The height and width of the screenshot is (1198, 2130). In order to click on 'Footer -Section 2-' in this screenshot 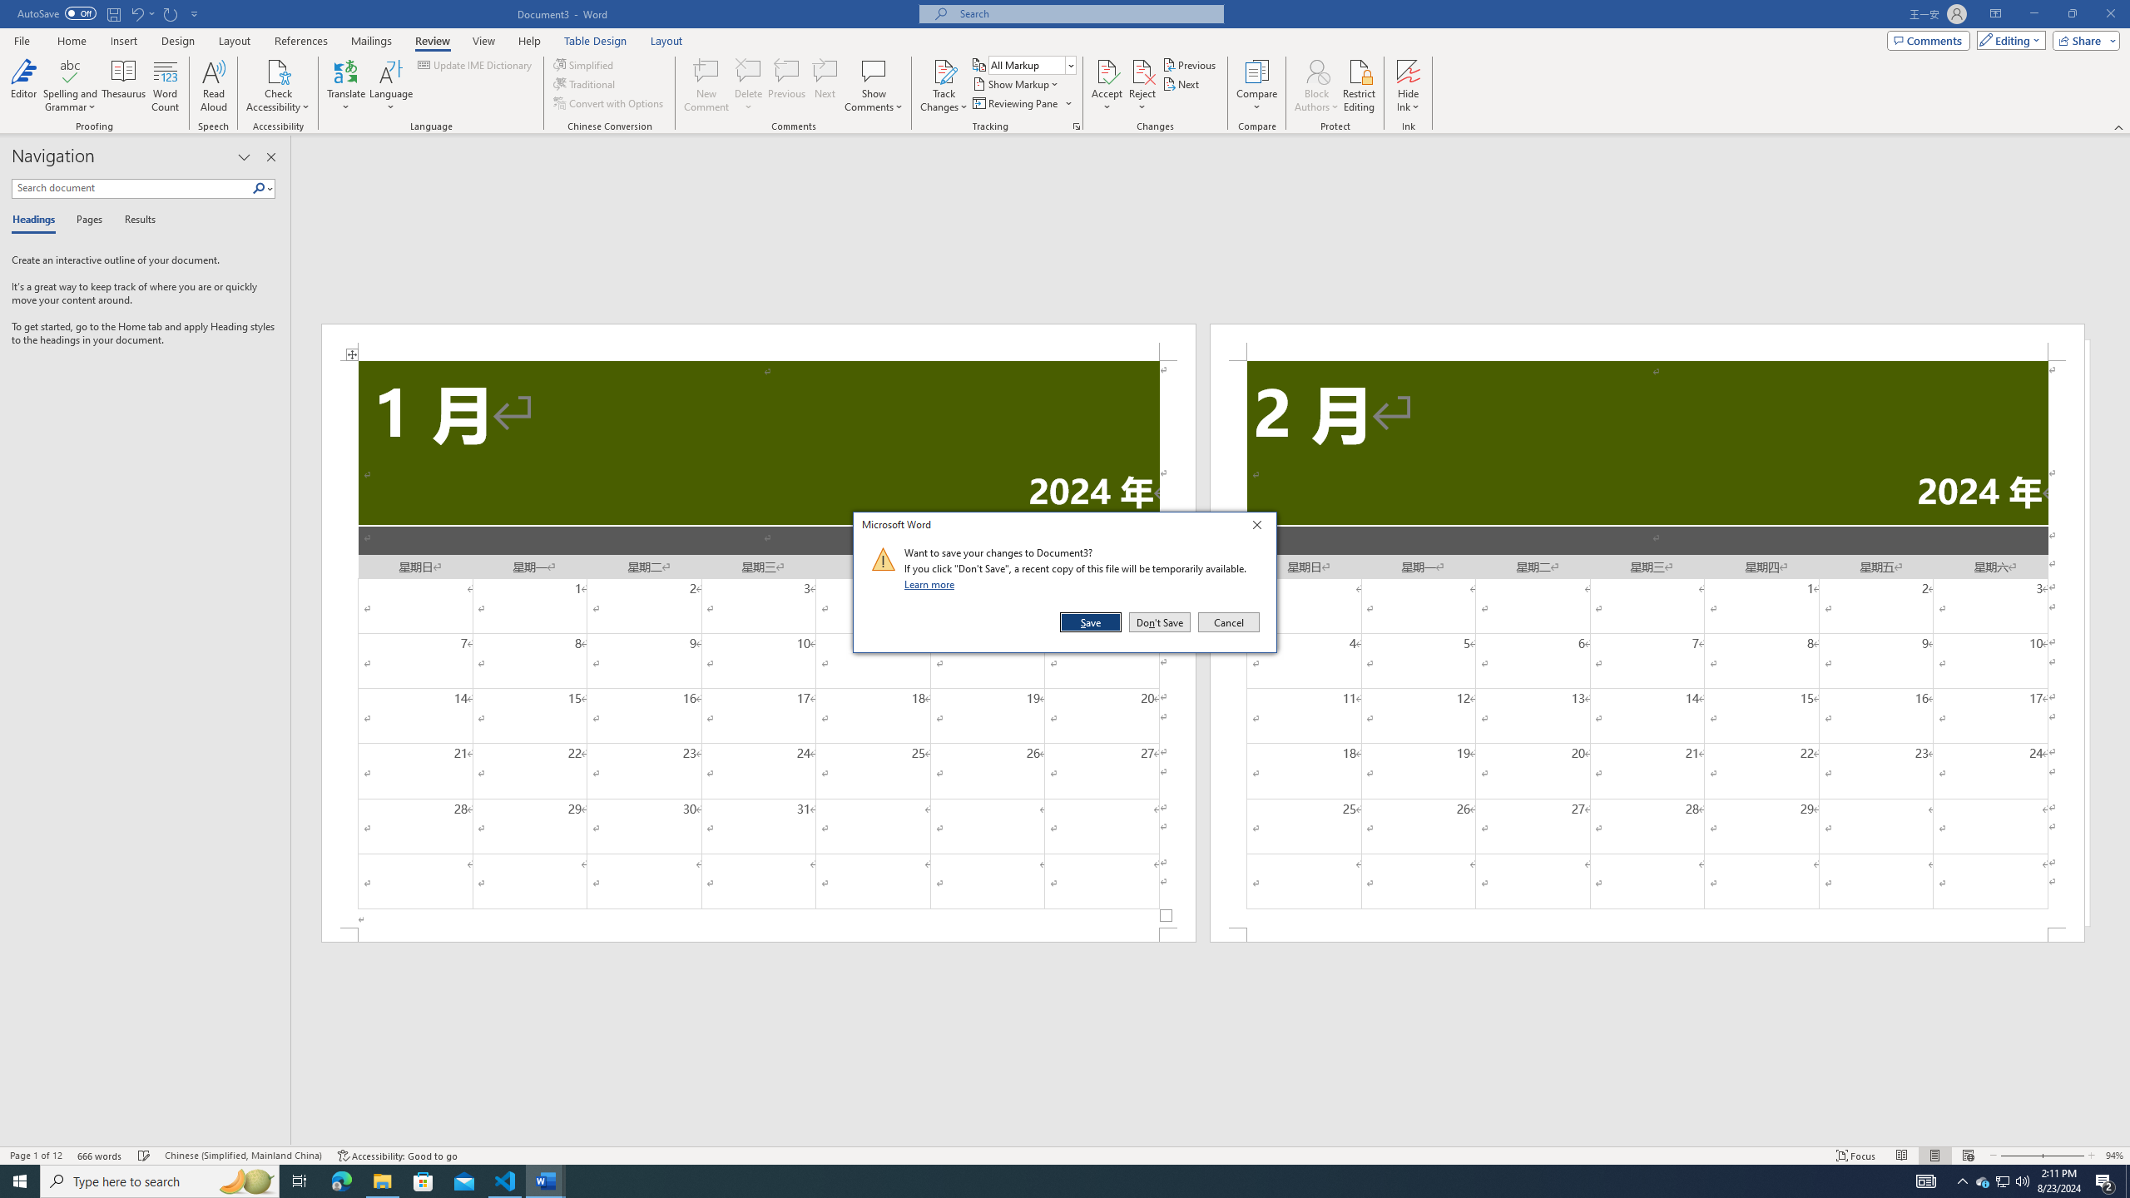, I will do `click(1647, 933)`.